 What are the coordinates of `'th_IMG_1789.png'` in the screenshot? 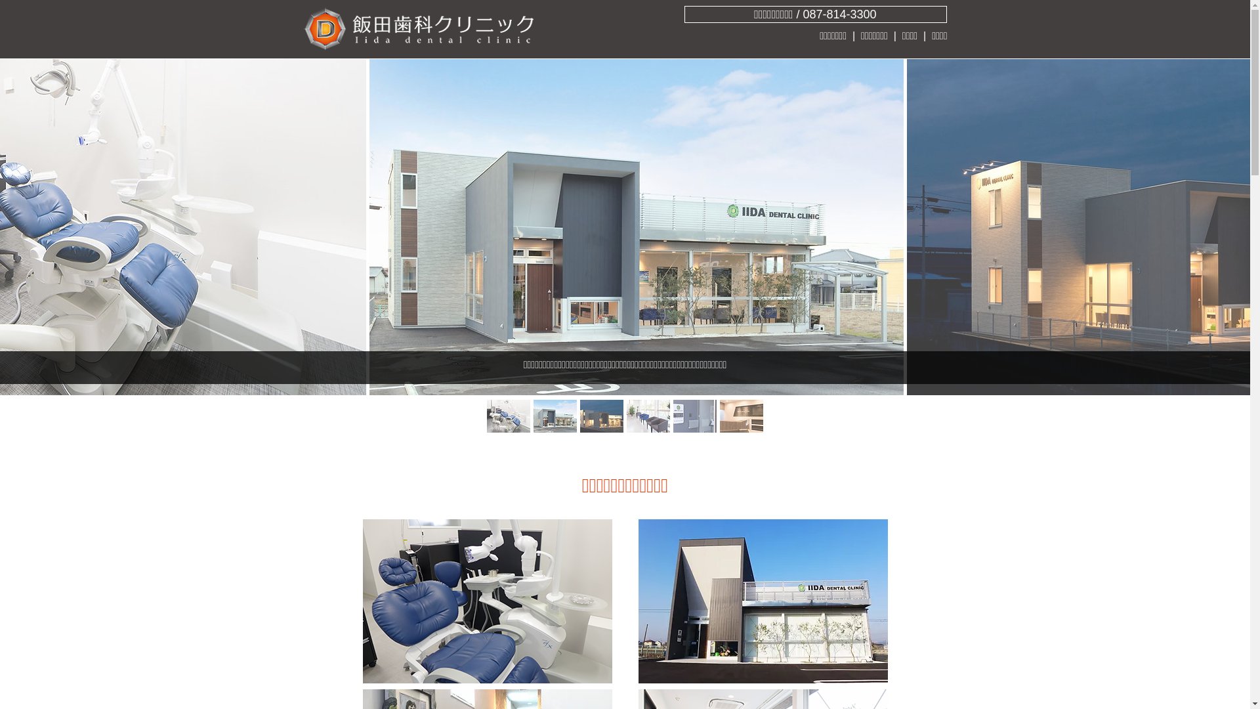 It's located at (762, 601).